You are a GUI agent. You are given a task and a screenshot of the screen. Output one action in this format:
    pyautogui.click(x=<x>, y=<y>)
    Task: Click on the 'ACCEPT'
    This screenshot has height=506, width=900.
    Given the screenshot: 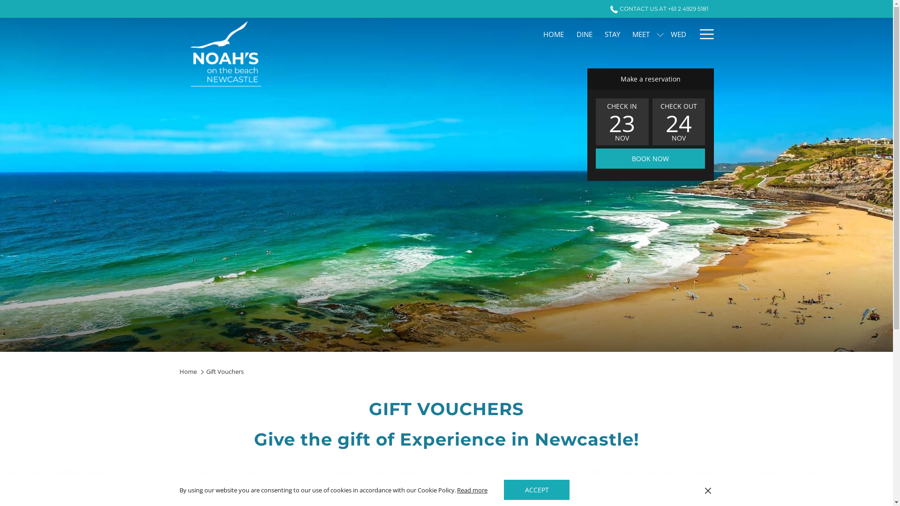 What is the action you would take?
    pyautogui.click(x=537, y=489)
    